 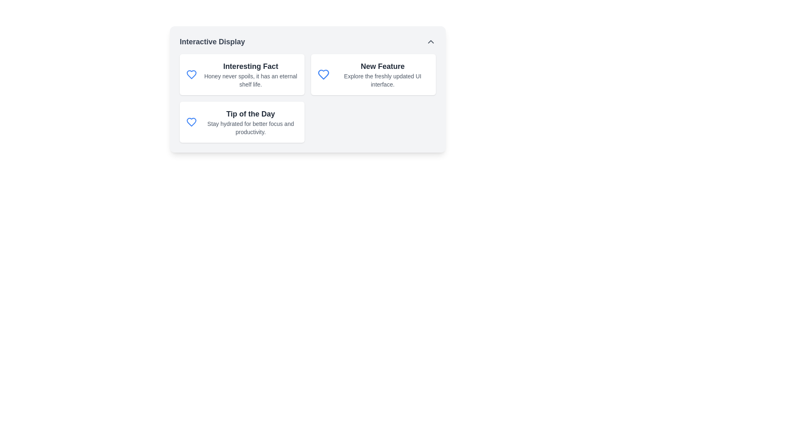 I want to click on the upward-pointing arrow icon button located on the far-right side of the header section labeled 'Interactive Display', so click(x=431, y=41).